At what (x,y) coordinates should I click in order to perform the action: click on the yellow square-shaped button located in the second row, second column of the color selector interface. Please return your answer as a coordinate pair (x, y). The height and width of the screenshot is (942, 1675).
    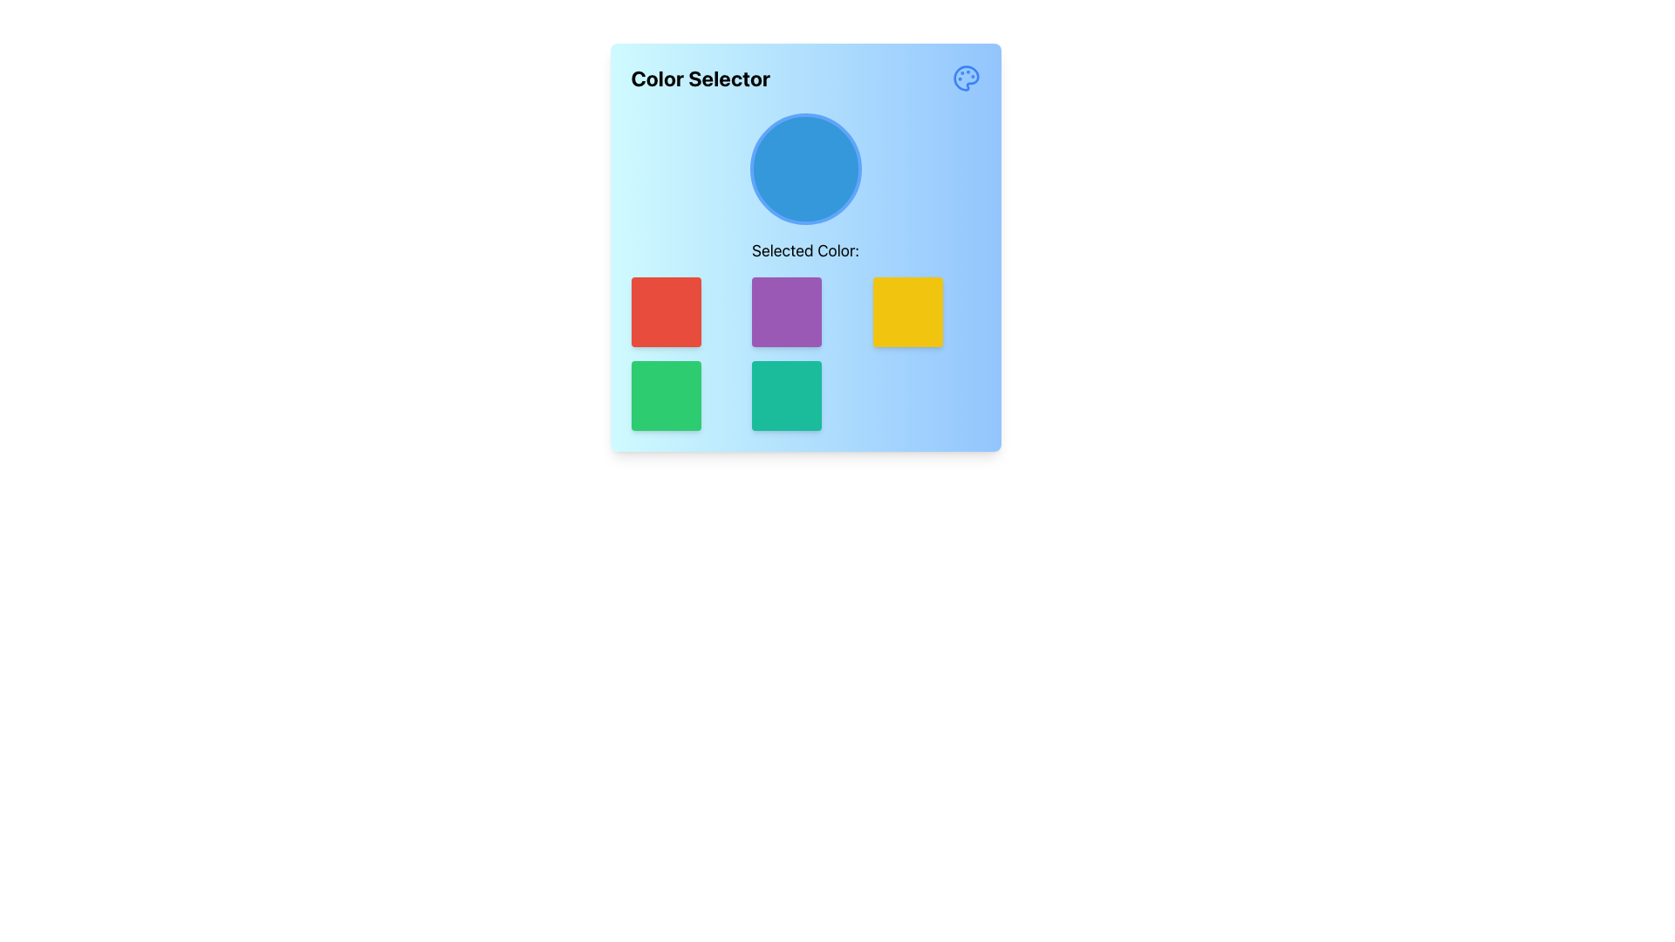
    Looking at the image, I should click on (907, 311).